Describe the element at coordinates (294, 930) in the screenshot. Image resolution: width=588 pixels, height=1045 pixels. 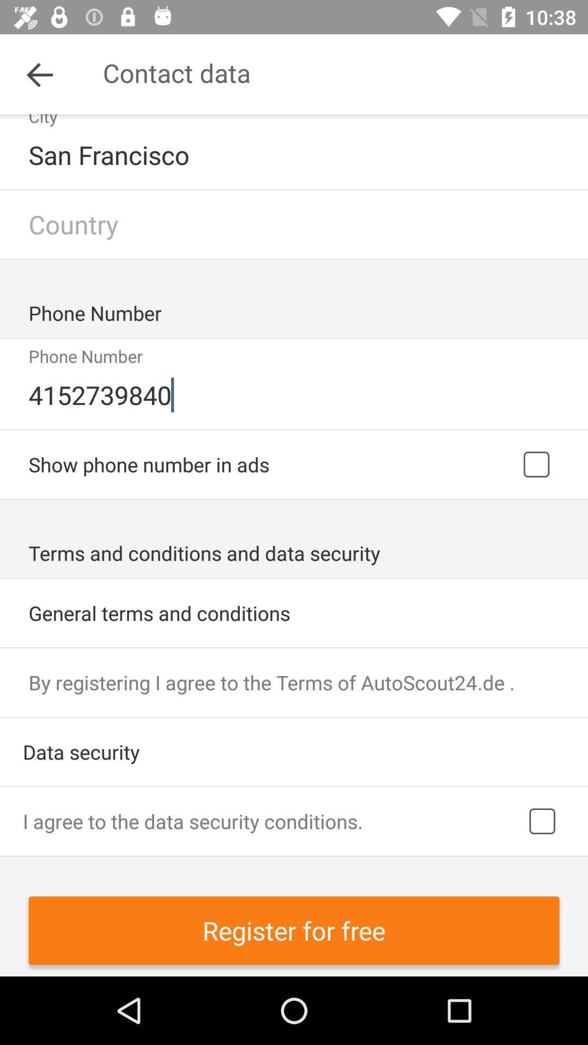
I see `register for free icon` at that location.